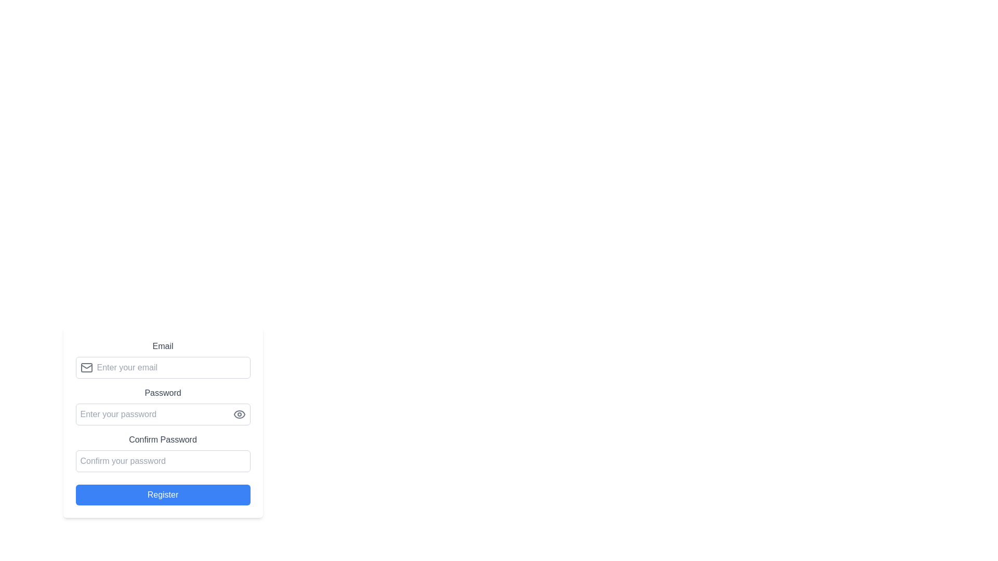 This screenshot has width=998, height=561. Describe the element at coordinates (86, 367) in the screenshot. I see `the envelope icon that visually represents the email input field label, located to the left of the email text field` at that location.